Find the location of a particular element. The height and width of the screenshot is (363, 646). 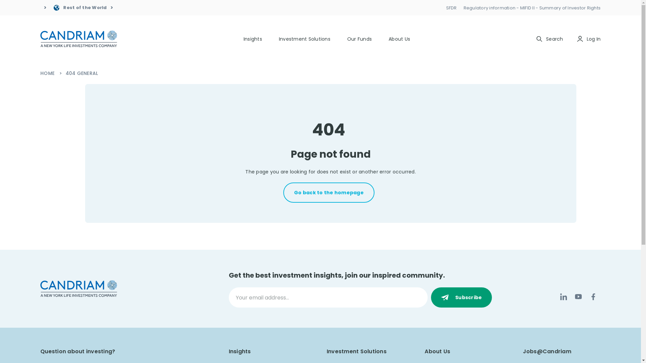

'Go back to the homepage' is located at coordinates (329, 193).